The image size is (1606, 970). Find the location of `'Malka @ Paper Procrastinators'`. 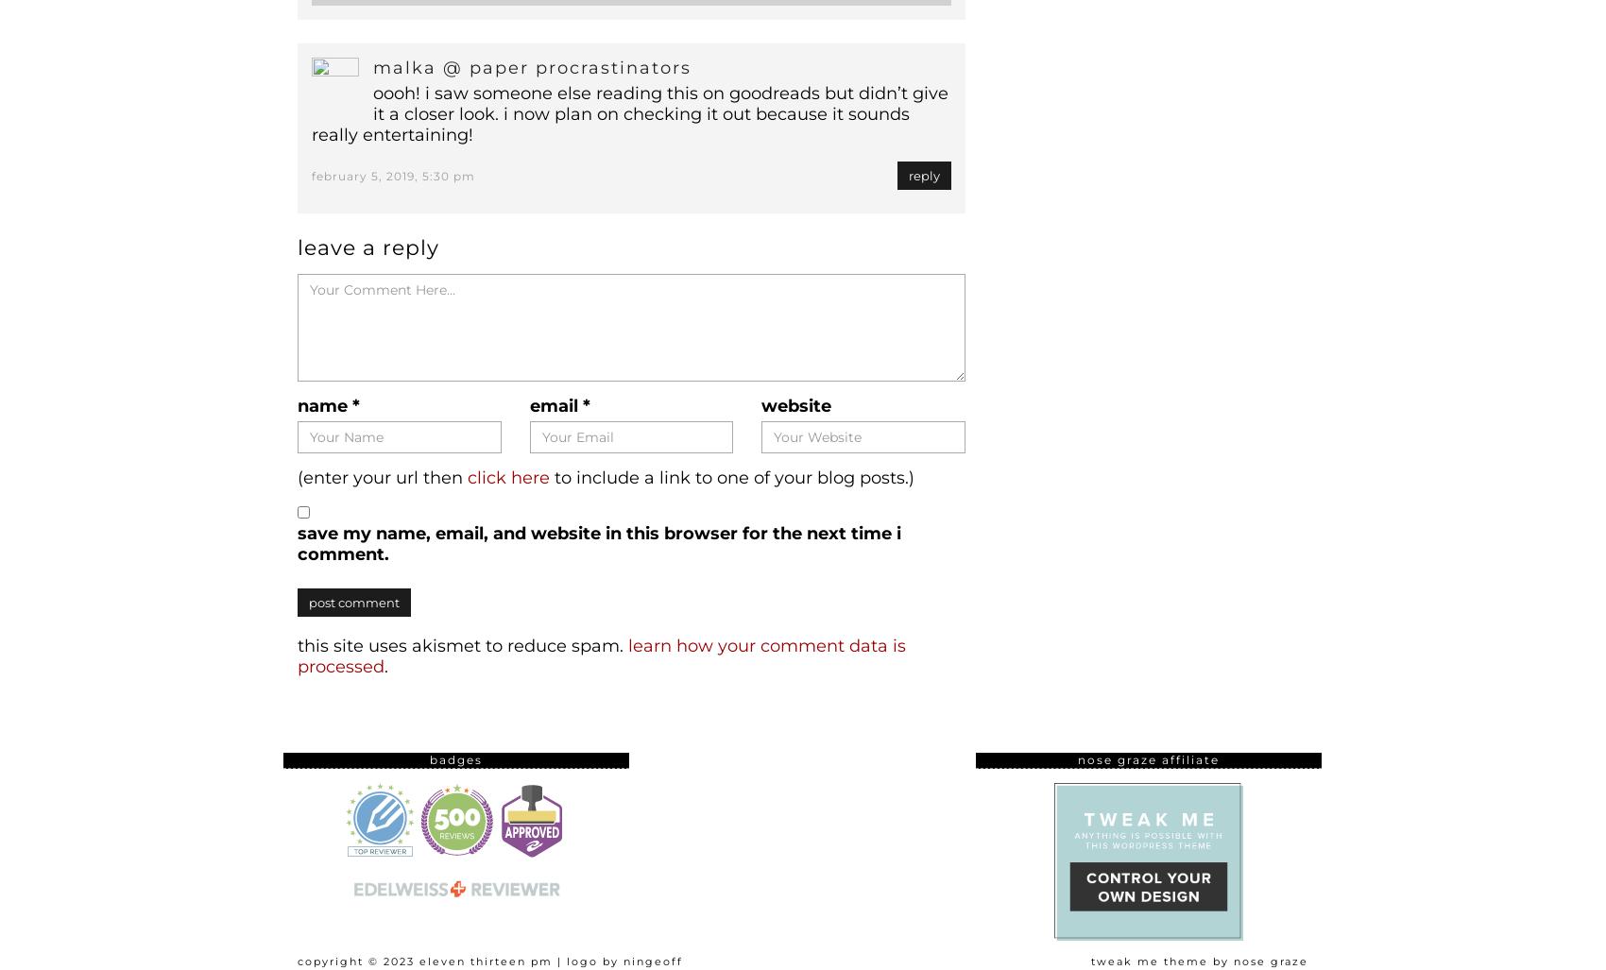

'Malka @ Paper Procrastinators' is located at coordinates (372, 65).